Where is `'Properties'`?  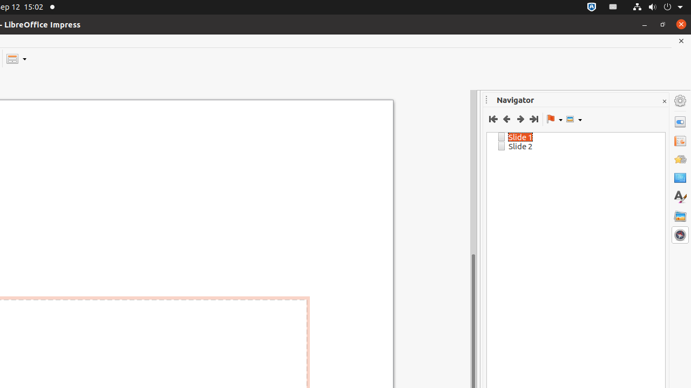
'Properties' is located at coordinates (680, 121).